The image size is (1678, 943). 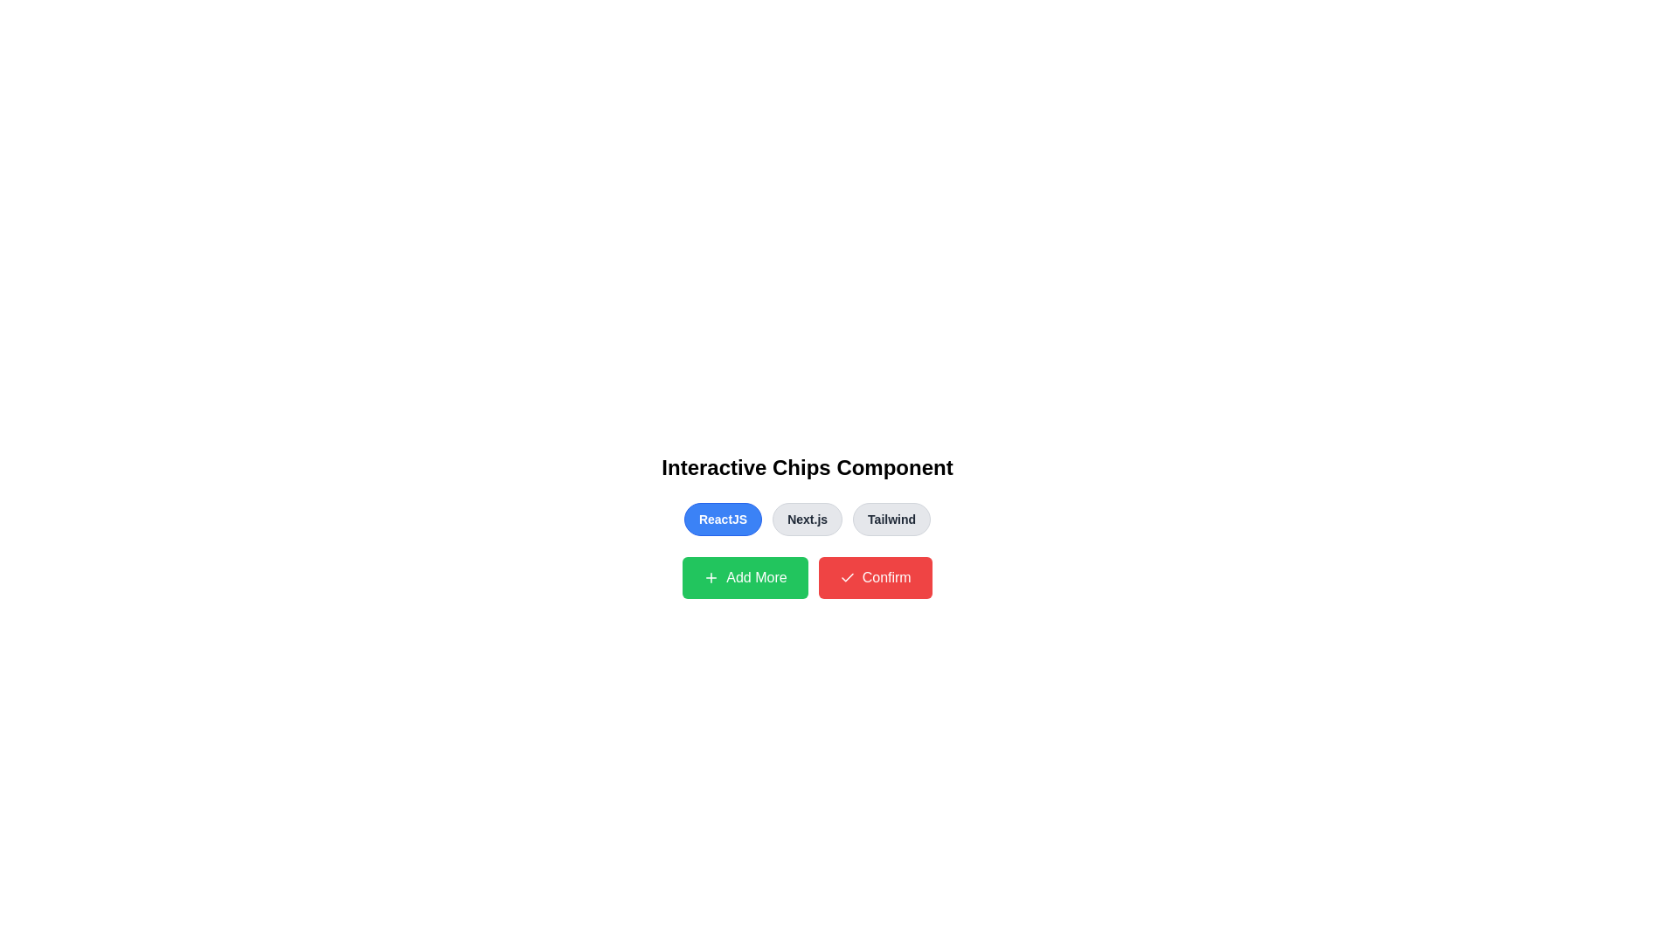 I want to click on the button labeled ReactJS to observe its hover effect, so click(x=723, y=518).